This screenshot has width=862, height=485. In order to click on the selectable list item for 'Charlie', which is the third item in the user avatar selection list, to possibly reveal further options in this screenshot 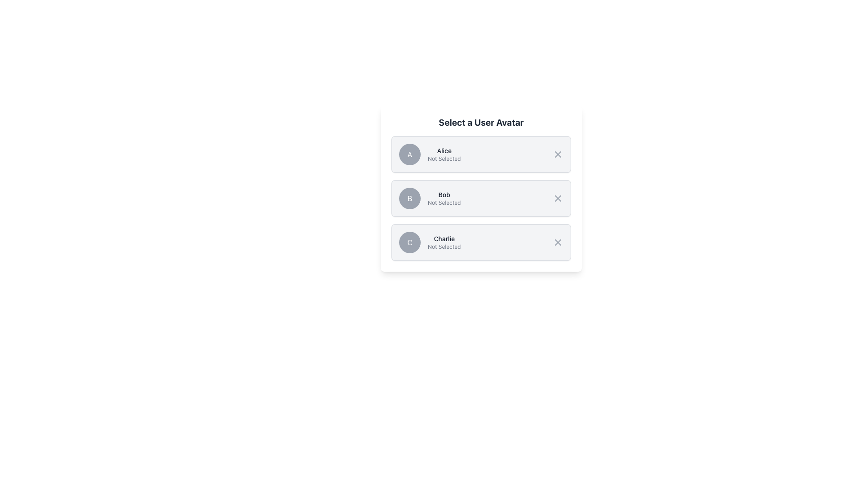, I will do `click(480, 242)`.